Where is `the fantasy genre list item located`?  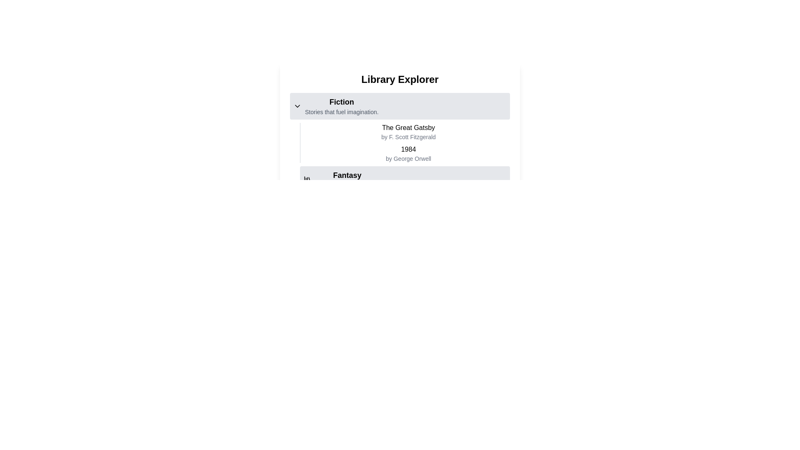
the fantasy genre list item located is located at coordinates (405, 179).